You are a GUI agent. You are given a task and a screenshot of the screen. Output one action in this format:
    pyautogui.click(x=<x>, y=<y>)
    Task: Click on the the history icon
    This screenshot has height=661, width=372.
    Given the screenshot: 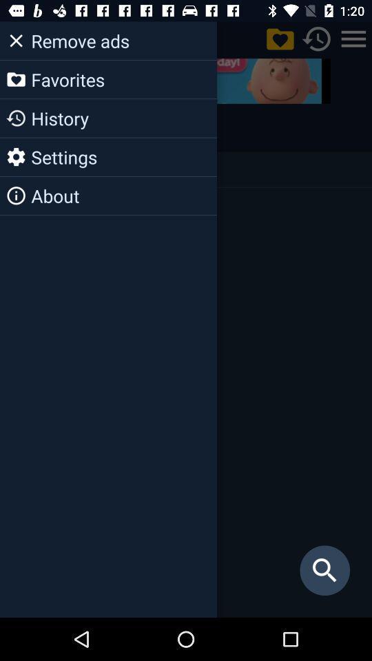 What is the action you would take?
    pyautogui.click(x=317, y=38)
    